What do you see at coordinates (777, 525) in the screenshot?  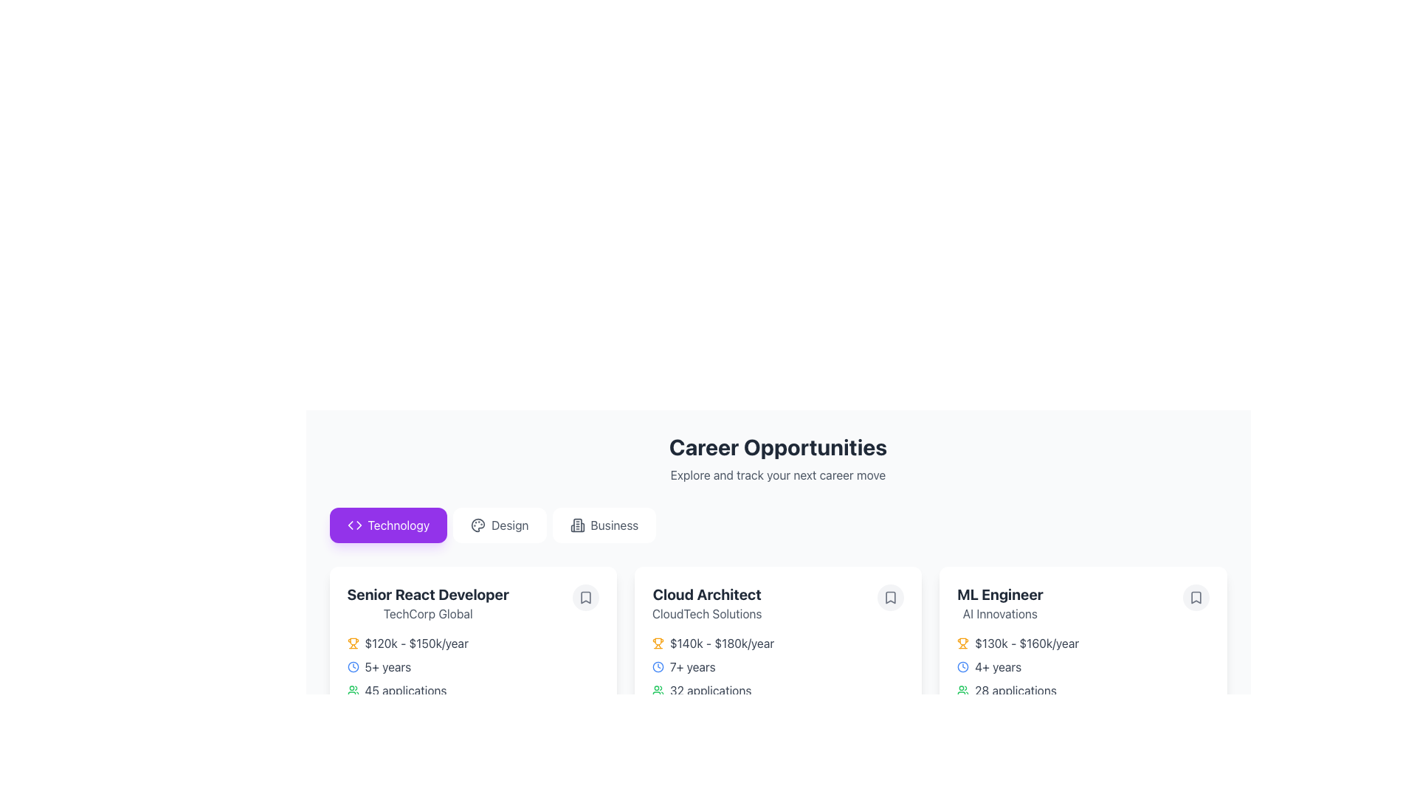 I see `the category in the Navigation bar located below the 'Career Opportunities' heading` at bounding box center [777, 525].